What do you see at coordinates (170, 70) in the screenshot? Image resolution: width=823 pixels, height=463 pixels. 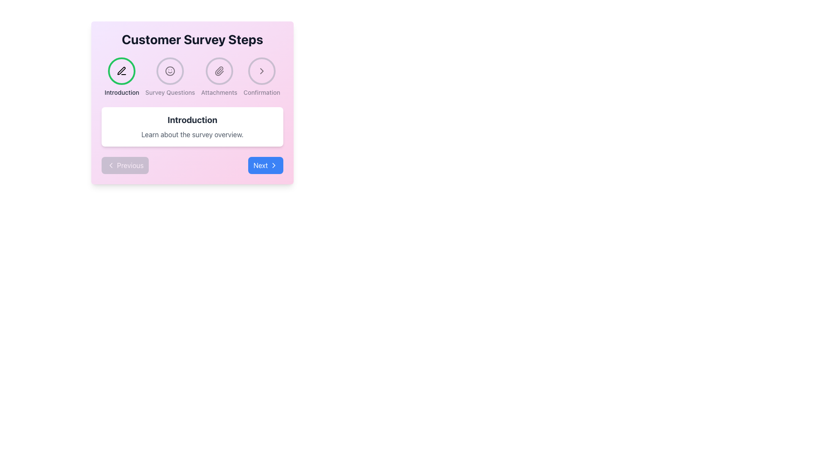 I see `the Circular SVG graphic representing a smiley face icon, which indicates the step 'Survey Questions' in the multi-step process navigation` at bounding box center [170, 70].